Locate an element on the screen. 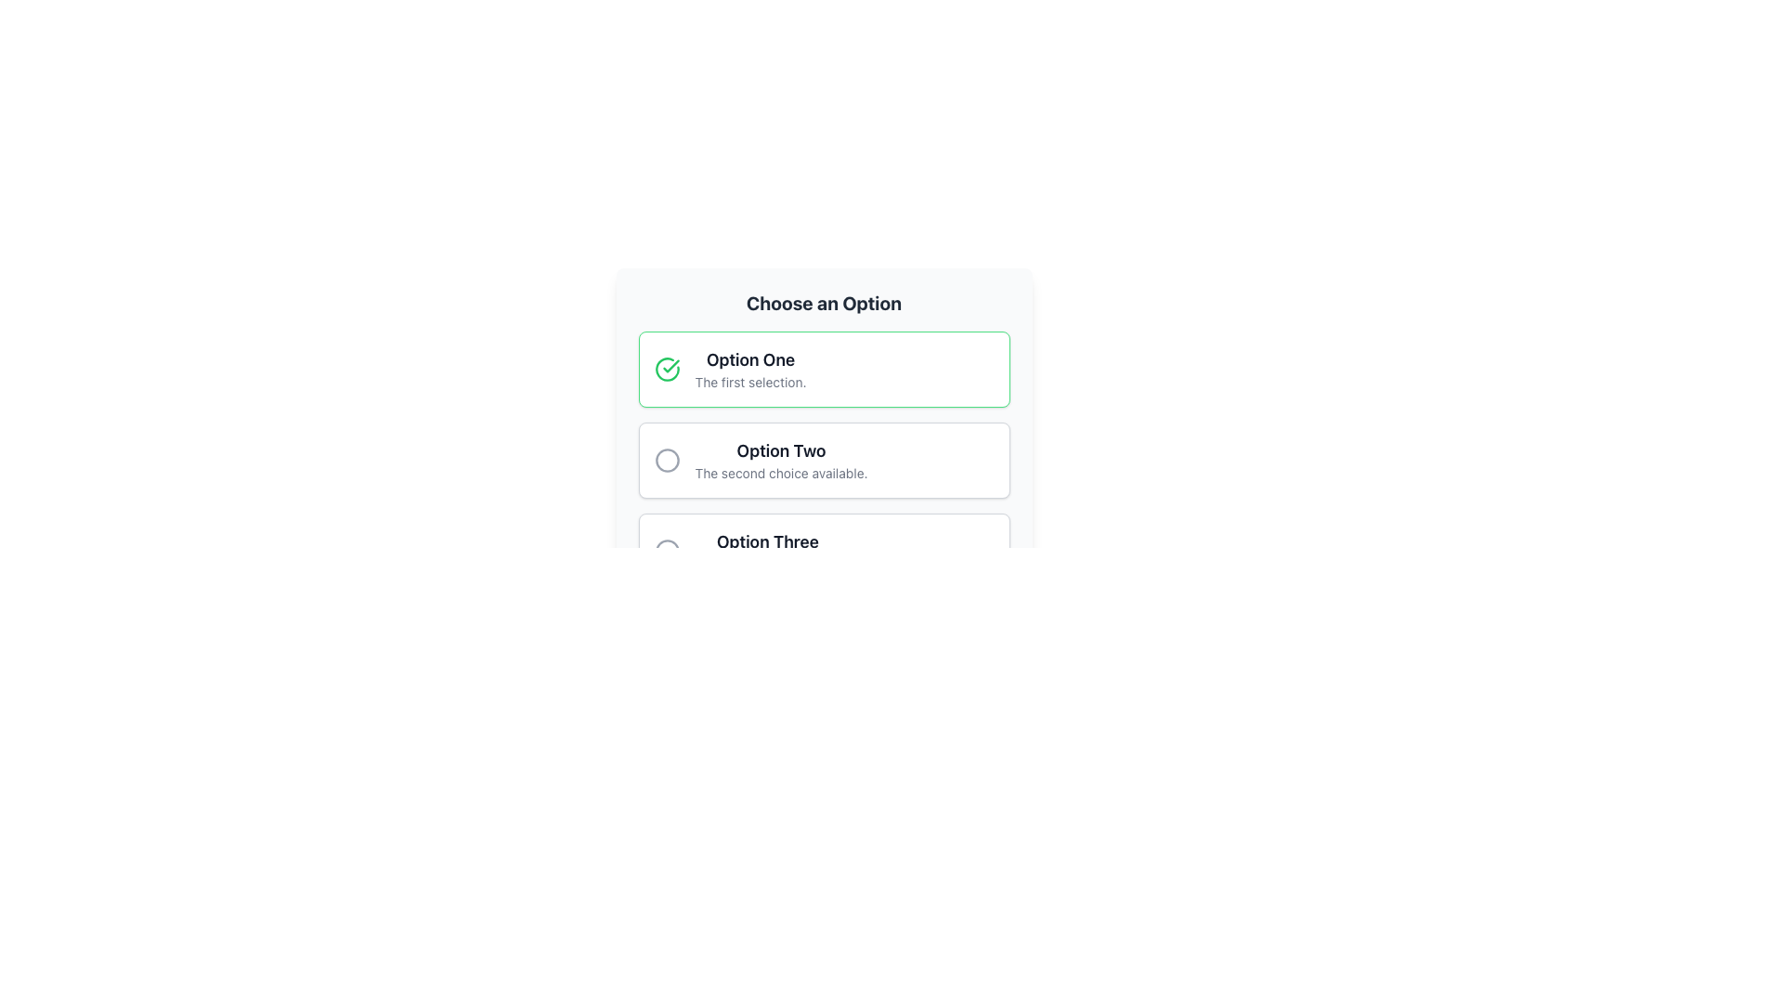 The width and height of the screenshot is (1783, 1003). the circular icon with a gray border and hollow center, located to the left of the text 'Option Two The second choice available.' is located at coordinates (667, 460).